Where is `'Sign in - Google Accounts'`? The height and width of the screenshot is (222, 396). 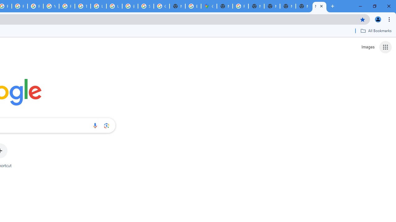
'Sign in - Google Accounts' is located at coordinates (145, 6).